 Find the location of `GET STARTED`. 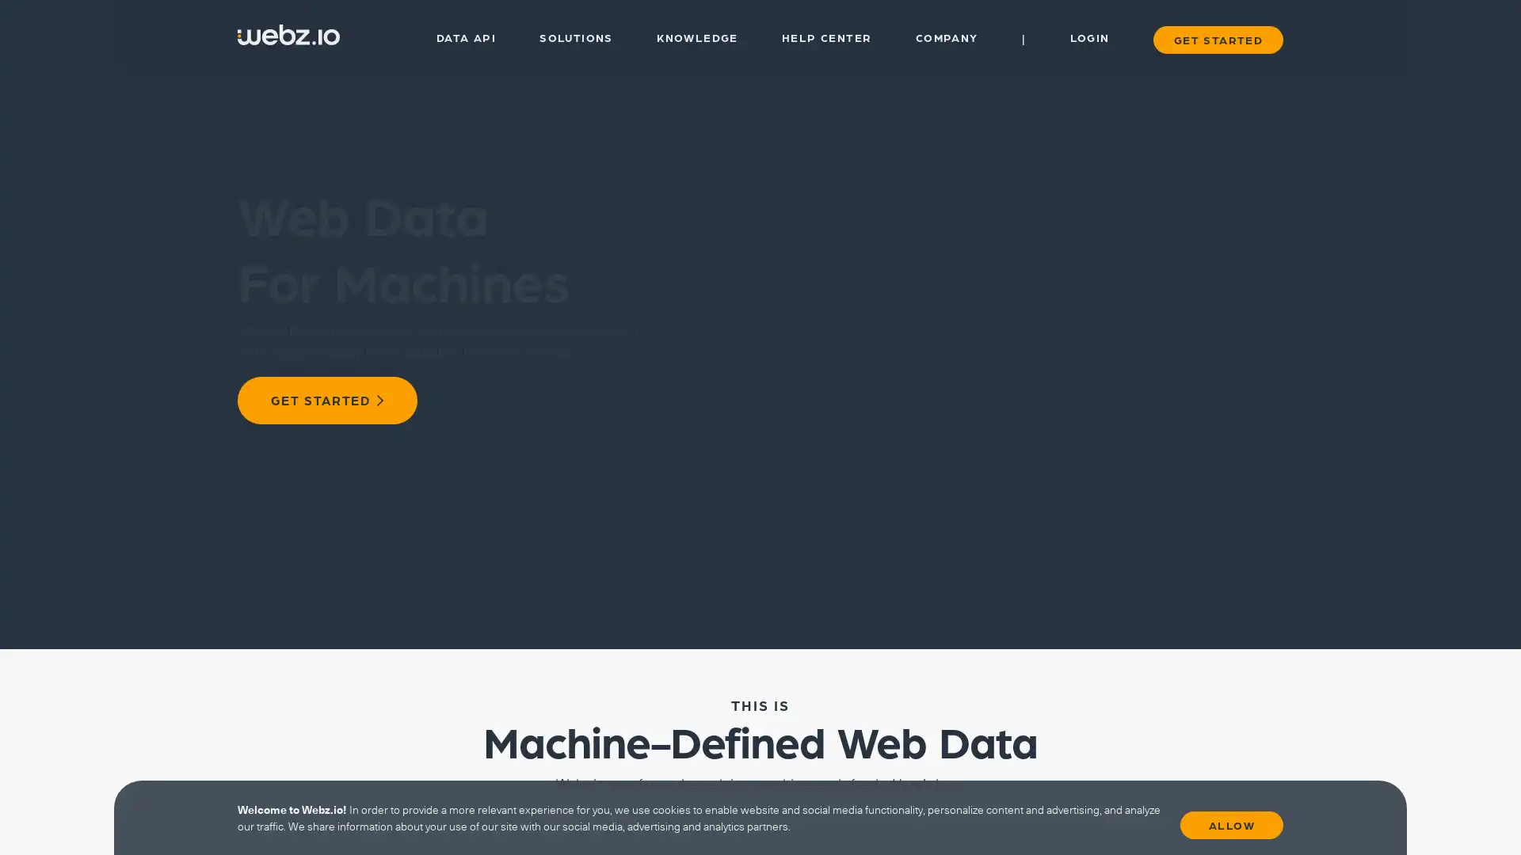

GET STARTED is located at coordinates (1216, 38).